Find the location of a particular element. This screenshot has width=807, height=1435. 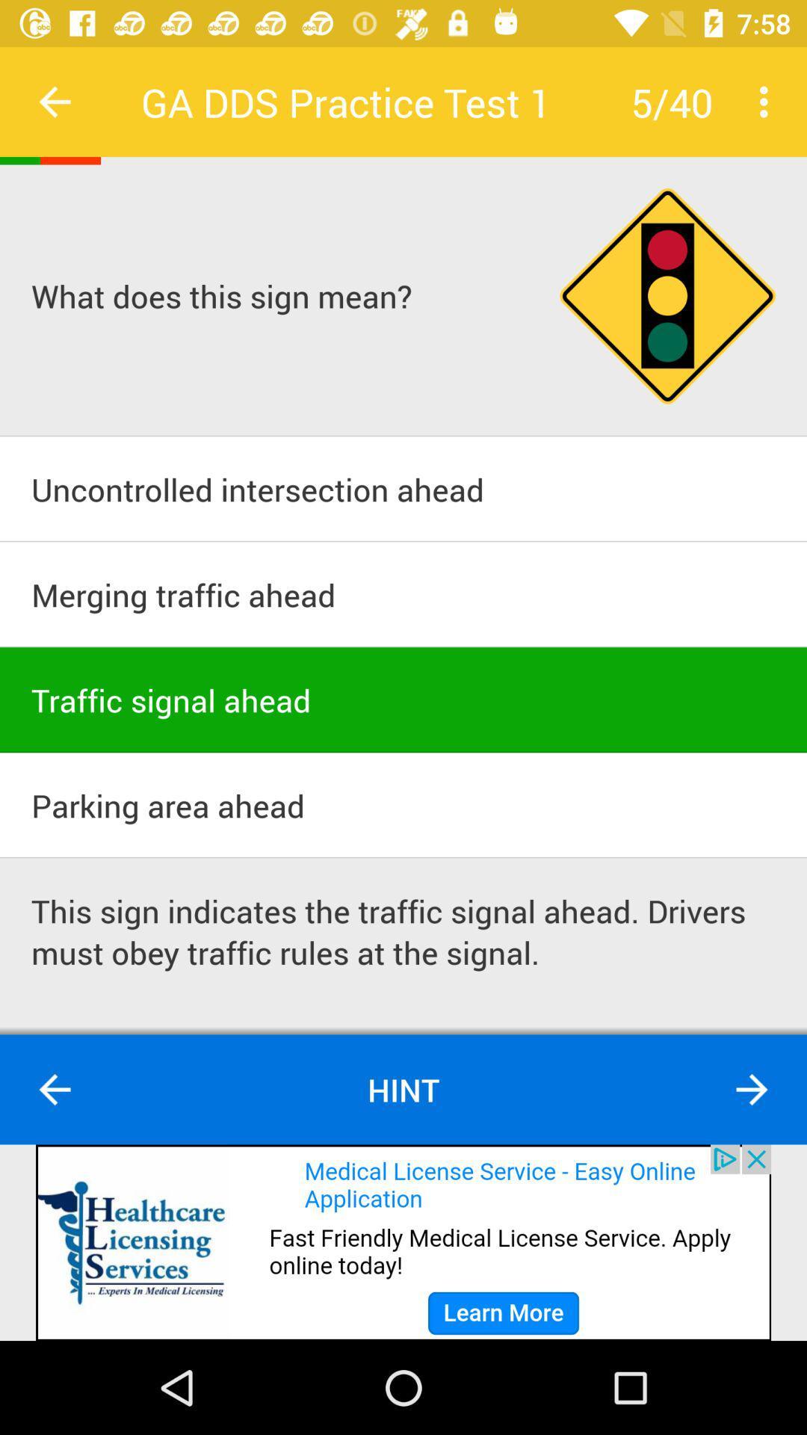

advertisement is located at coordinates (403, 1242).